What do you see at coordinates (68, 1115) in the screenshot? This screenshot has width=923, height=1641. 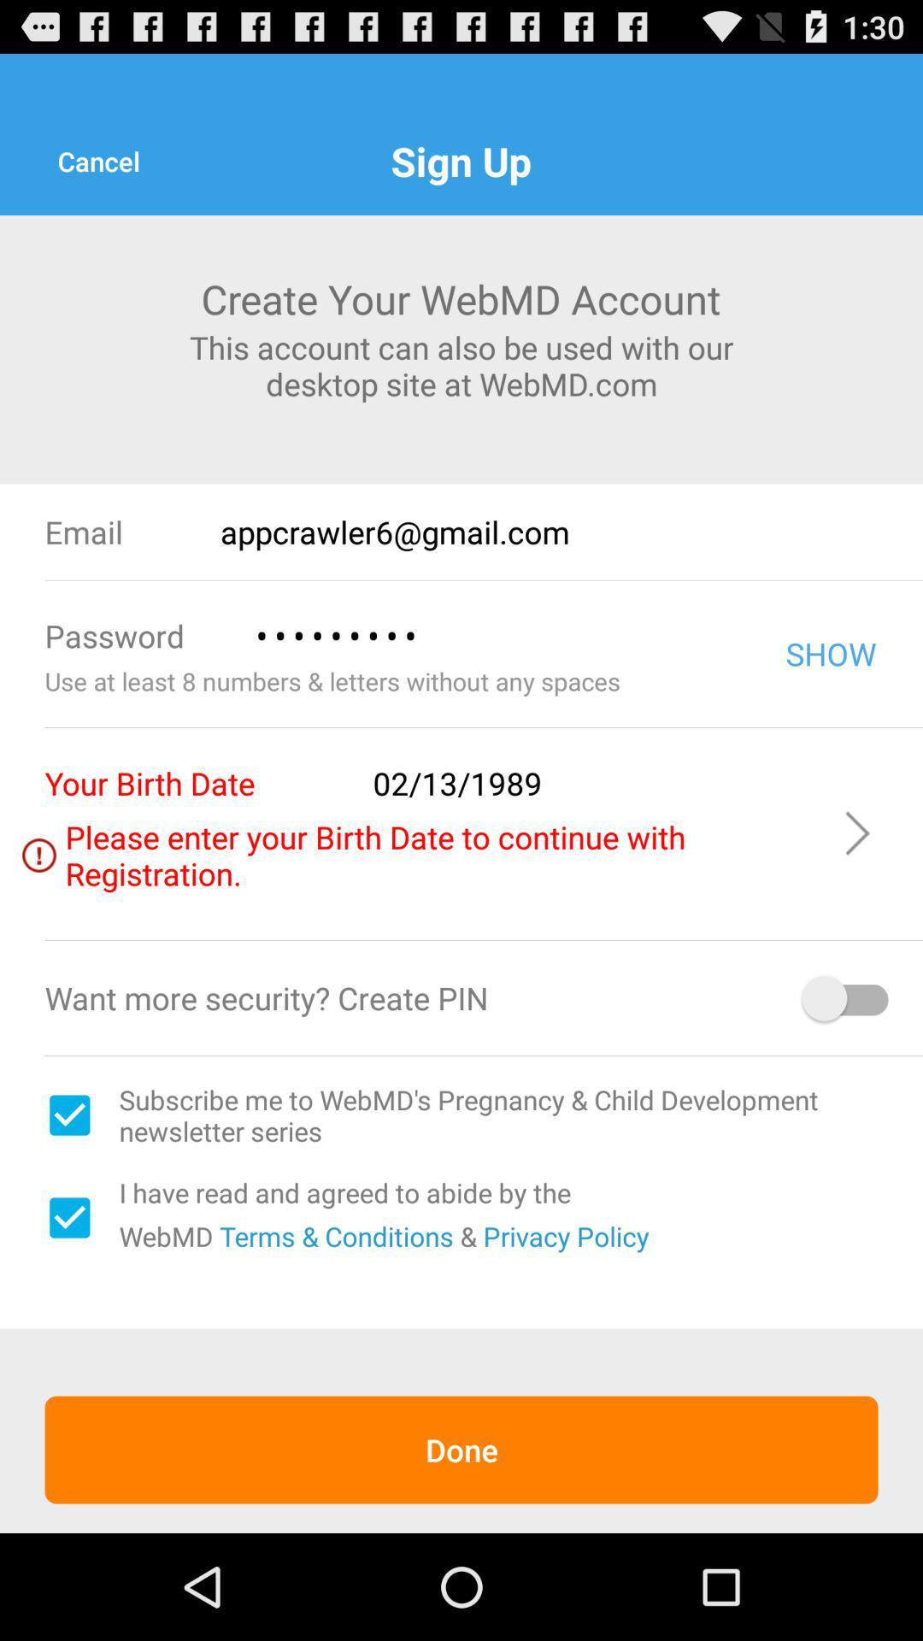 I see `check box to subscribe` at bounding box center [68, 1115].